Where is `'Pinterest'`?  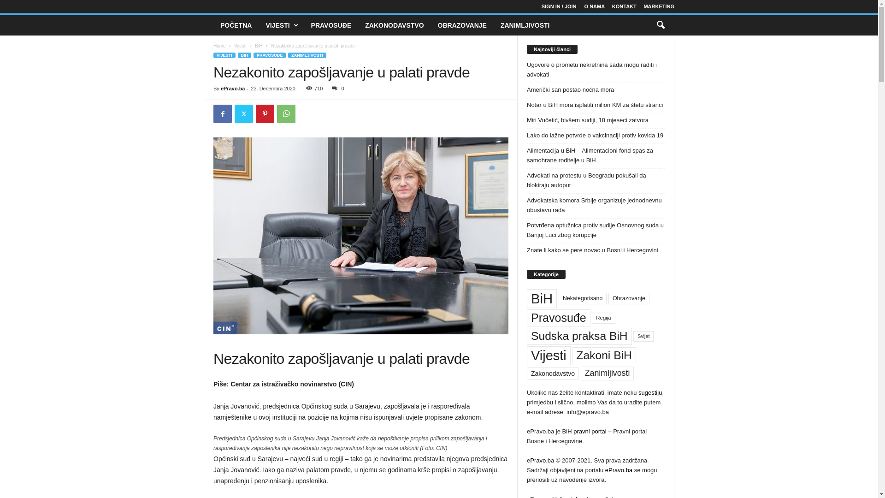 'Pinterest' is located at coordinates (265, 113).